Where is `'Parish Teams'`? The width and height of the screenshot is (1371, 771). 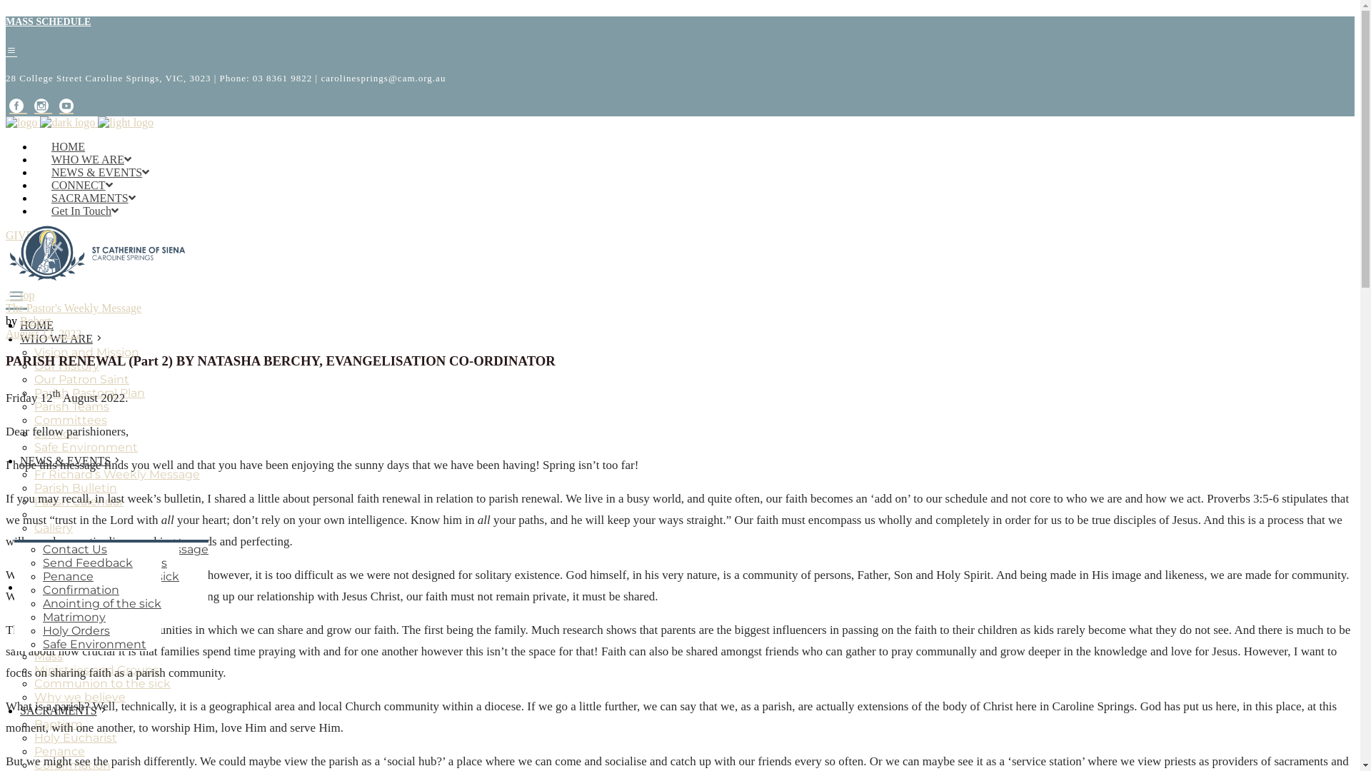
'Parish Teams' is located at coordinates (71, 406).